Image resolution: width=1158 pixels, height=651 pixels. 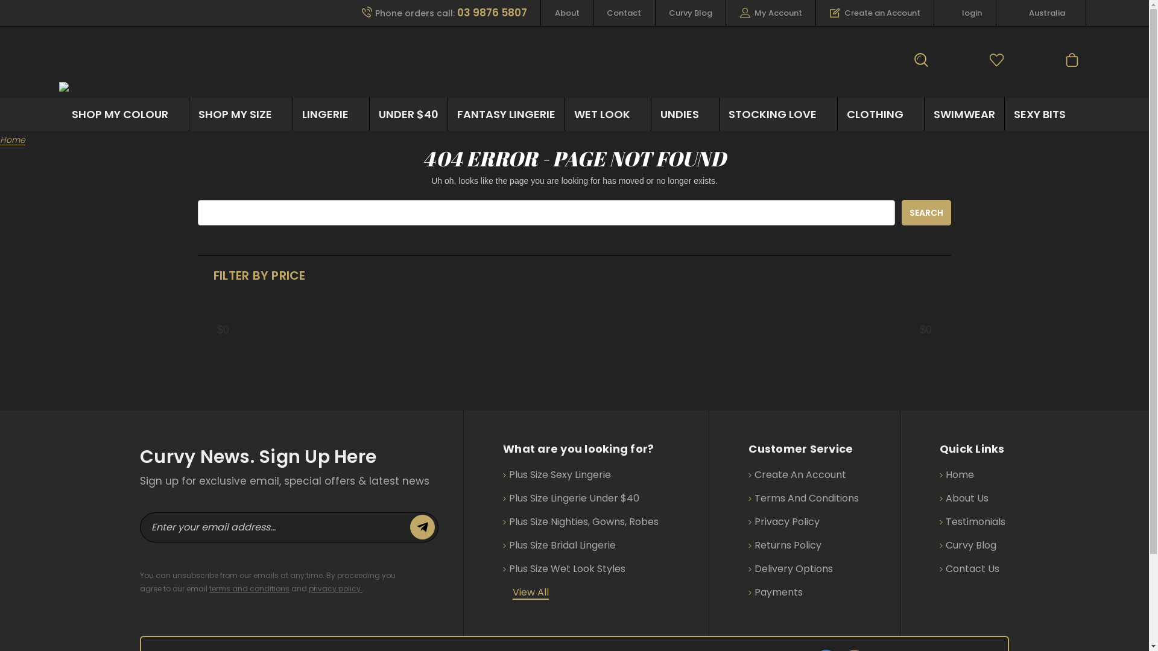 I want to click on 'Home', so click(x=12, y=139).